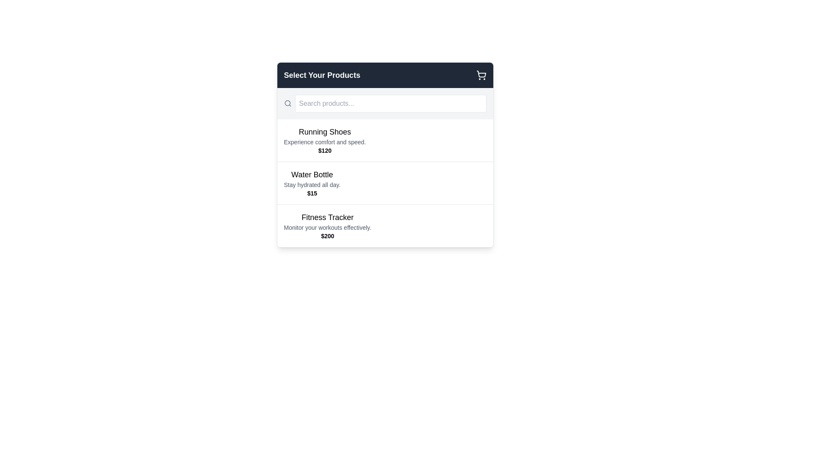  Describe the element at coordinates (384, 182) in the screenshot. I see `the second Card listing element in the product list` at that location.